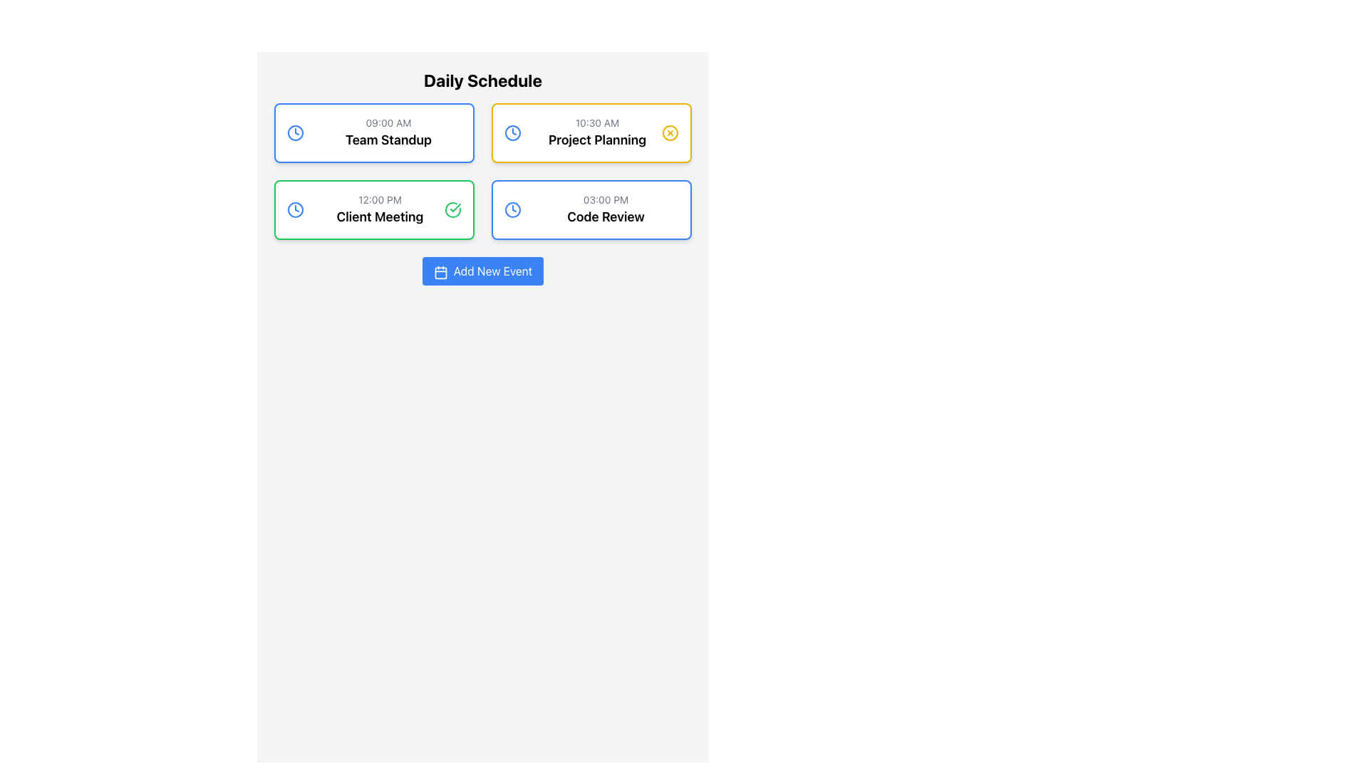 The height and width of the screenshot is (769, 1368). I want to click on the blue button labeled 'Add New Event' with a calendar icon, so click(482, 271).